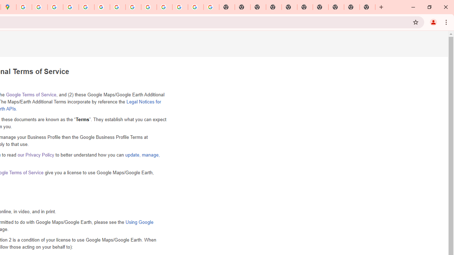 This screenshot has width=454, height=255. I want to click on 'Google Terms of Service', so click(31, 94).